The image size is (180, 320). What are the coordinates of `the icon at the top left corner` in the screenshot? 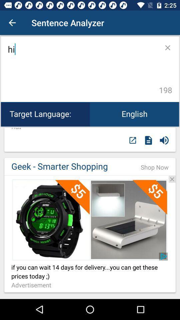 It's located at (12, 23).